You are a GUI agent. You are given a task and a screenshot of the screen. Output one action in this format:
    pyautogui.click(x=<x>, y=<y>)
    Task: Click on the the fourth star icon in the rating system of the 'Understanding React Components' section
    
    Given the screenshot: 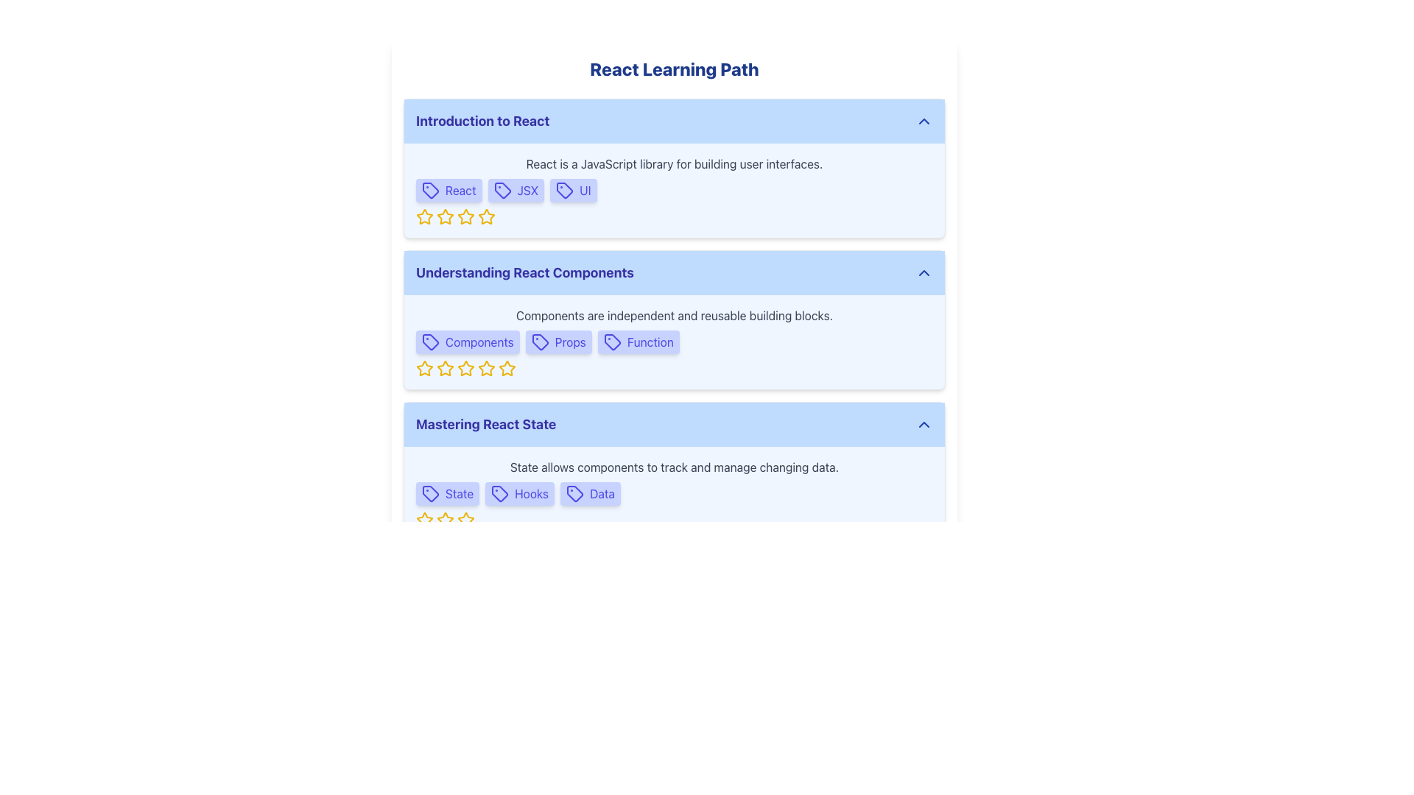 What is the action you would take?
    pyautogui.click(x=487, y=367)
    